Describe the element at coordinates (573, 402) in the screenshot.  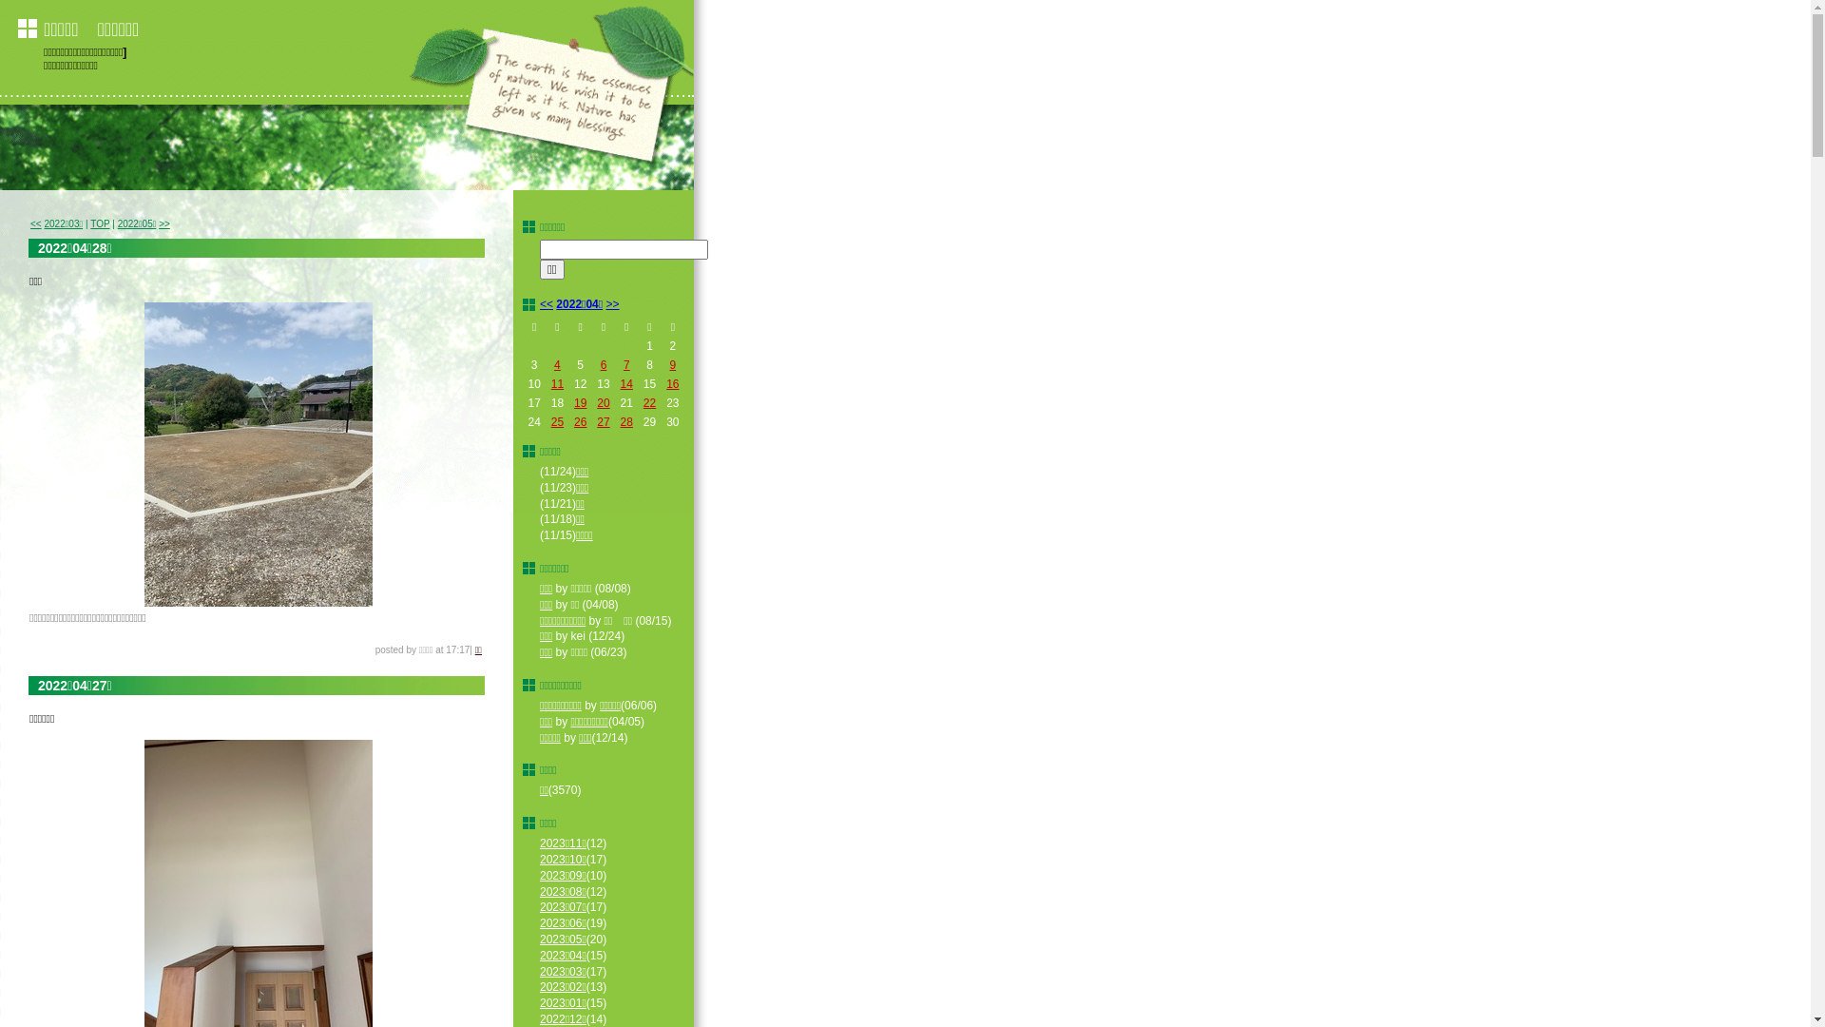
I see `'19'` at that location.